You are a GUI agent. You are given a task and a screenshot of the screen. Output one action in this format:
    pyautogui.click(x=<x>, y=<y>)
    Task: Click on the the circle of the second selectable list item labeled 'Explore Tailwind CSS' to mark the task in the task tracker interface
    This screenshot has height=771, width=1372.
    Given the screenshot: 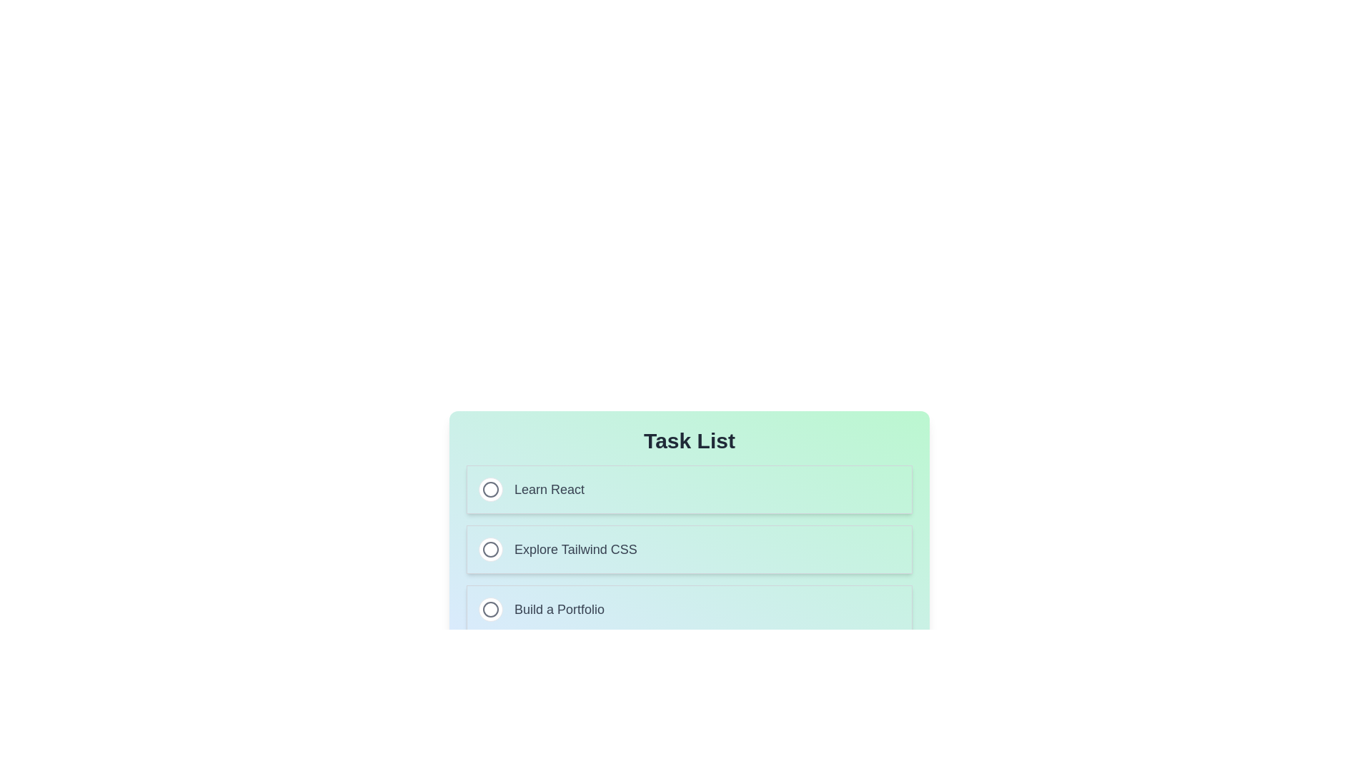 What is the action you would take?
    pyautogui.click(x=689, y=549)
    